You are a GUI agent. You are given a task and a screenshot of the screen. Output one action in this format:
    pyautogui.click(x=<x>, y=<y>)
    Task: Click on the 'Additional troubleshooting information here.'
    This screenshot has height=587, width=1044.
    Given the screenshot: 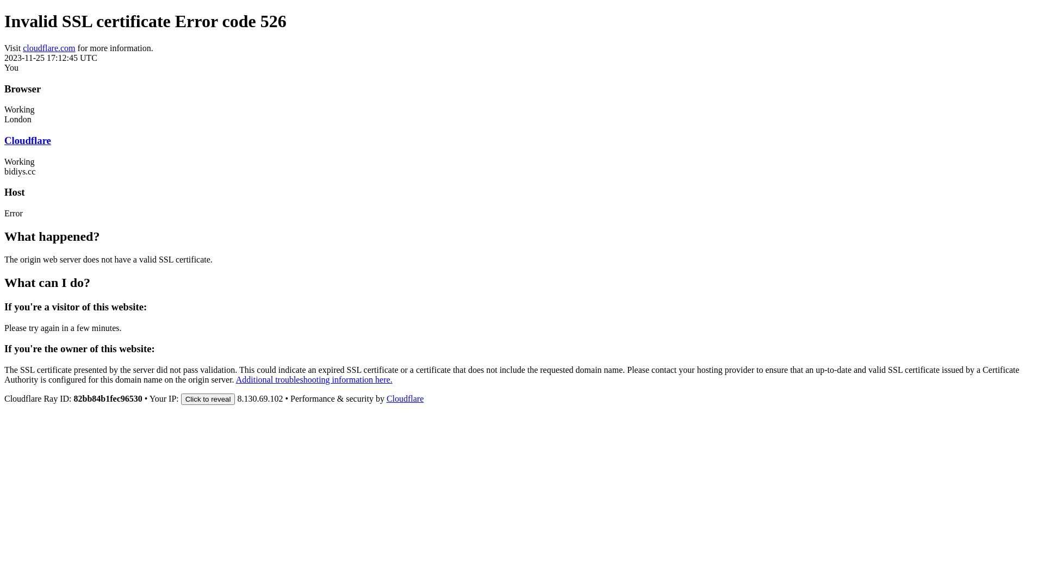 What is the action you would take?
    pyautogui.click(x=313, y=379)
    